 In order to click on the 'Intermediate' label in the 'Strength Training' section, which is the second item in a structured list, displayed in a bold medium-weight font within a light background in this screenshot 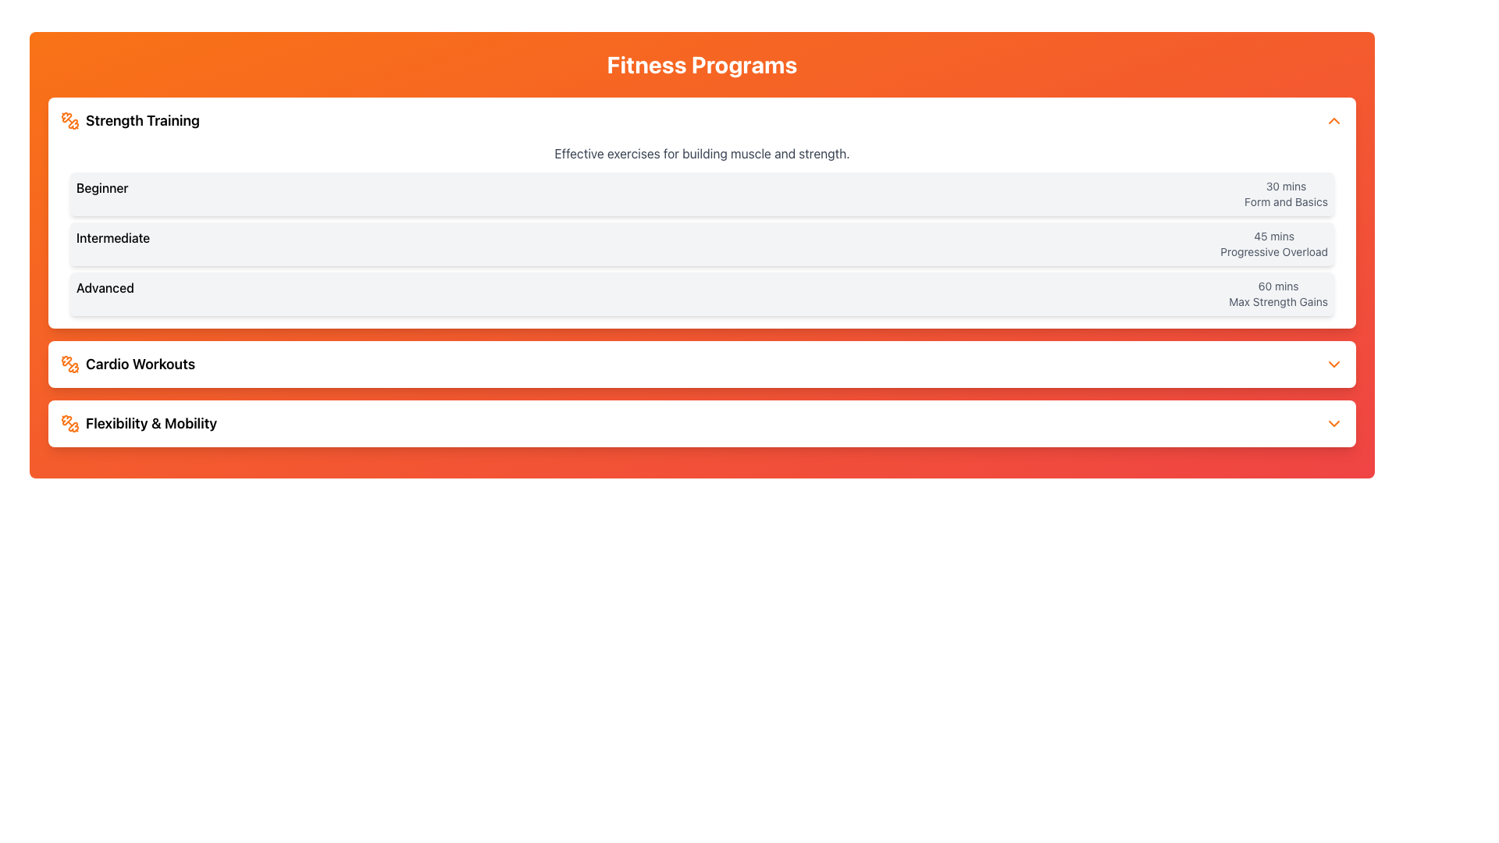, I will do `click(112, 244)`.